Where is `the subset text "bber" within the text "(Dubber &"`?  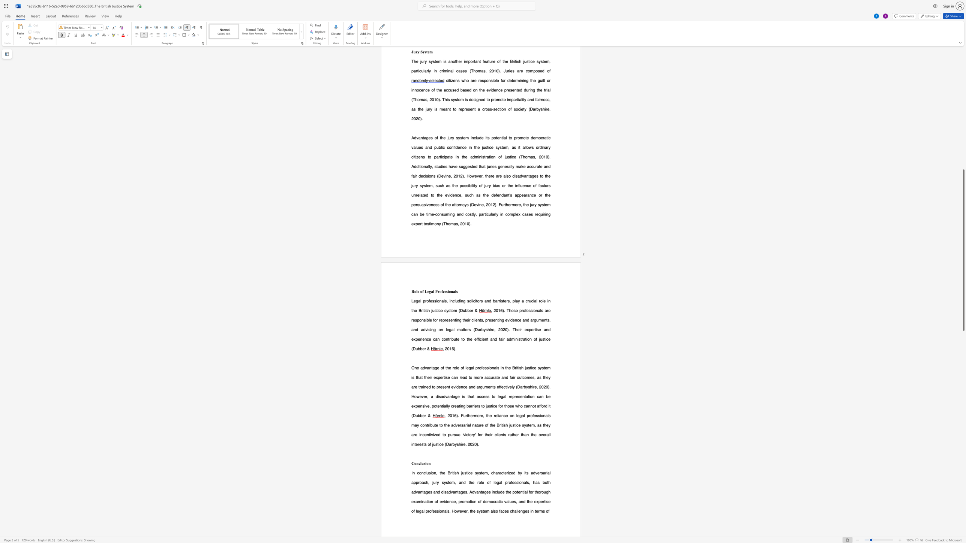
the subset text "bber" within the text "(Dubber &" is located at coordinates (418, 415).